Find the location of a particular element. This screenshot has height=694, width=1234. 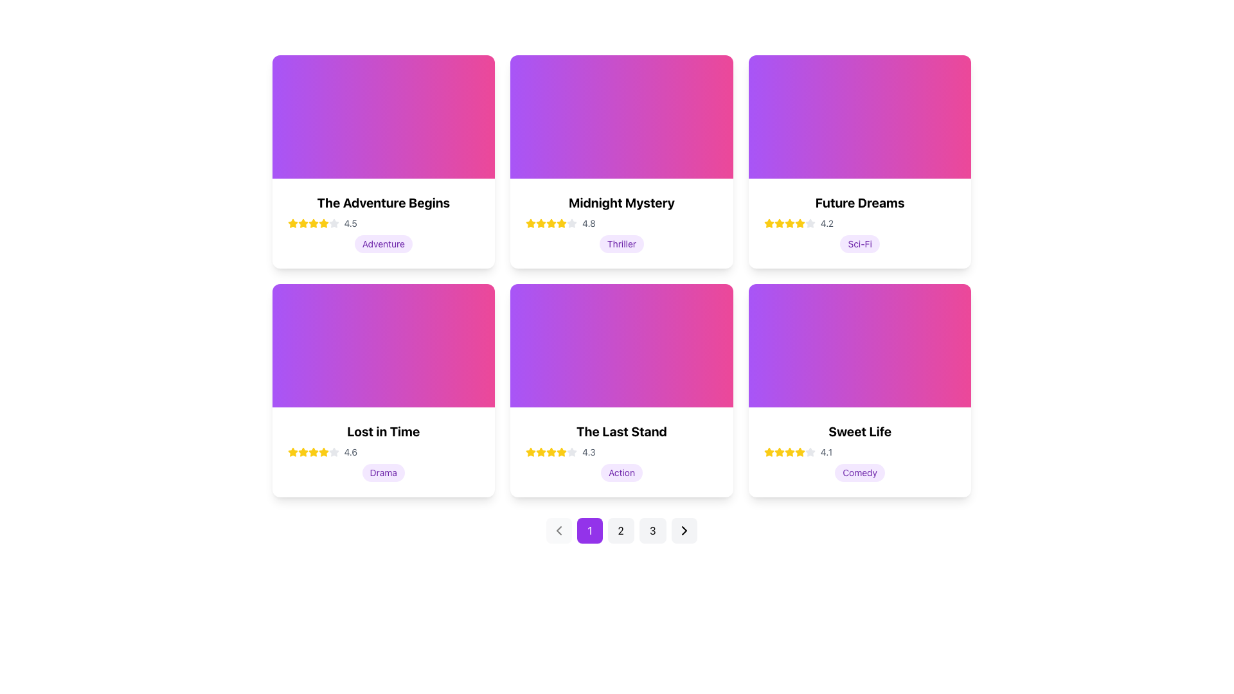

the first star icon in the star rating sequence for the movie 'The Last Stand', which indicates a rating of '4.3' is located at coordinates (531, 452).